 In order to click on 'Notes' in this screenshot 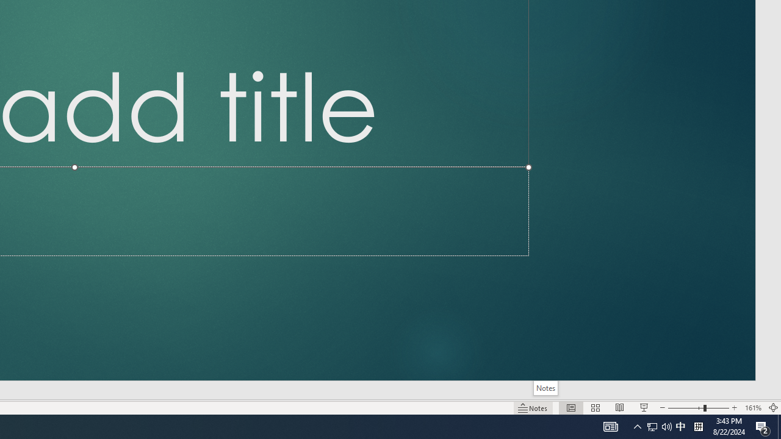, I will do `click(545, 388)`.